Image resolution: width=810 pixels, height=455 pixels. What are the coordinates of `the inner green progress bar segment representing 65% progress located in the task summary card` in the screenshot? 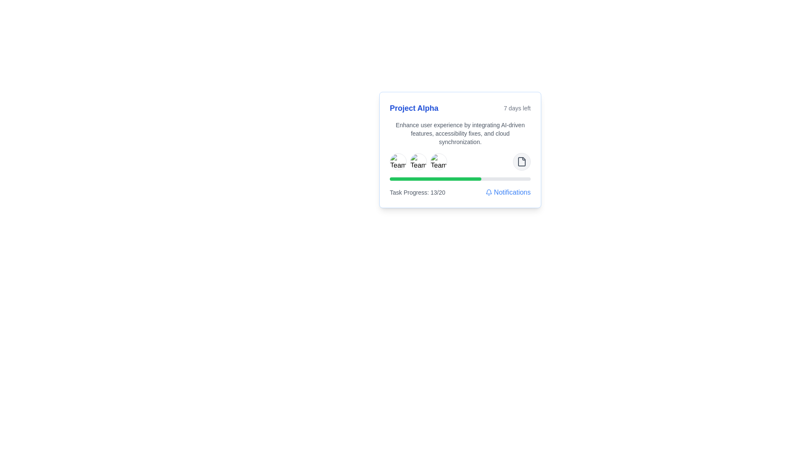 It's located at (435, 178).